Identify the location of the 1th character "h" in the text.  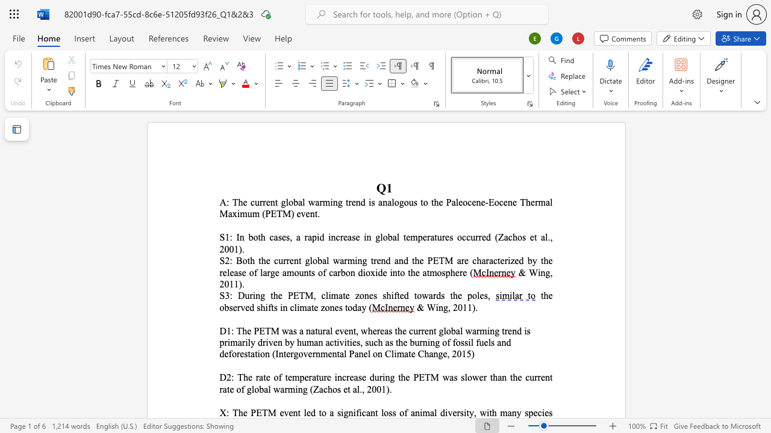
(262, 237).